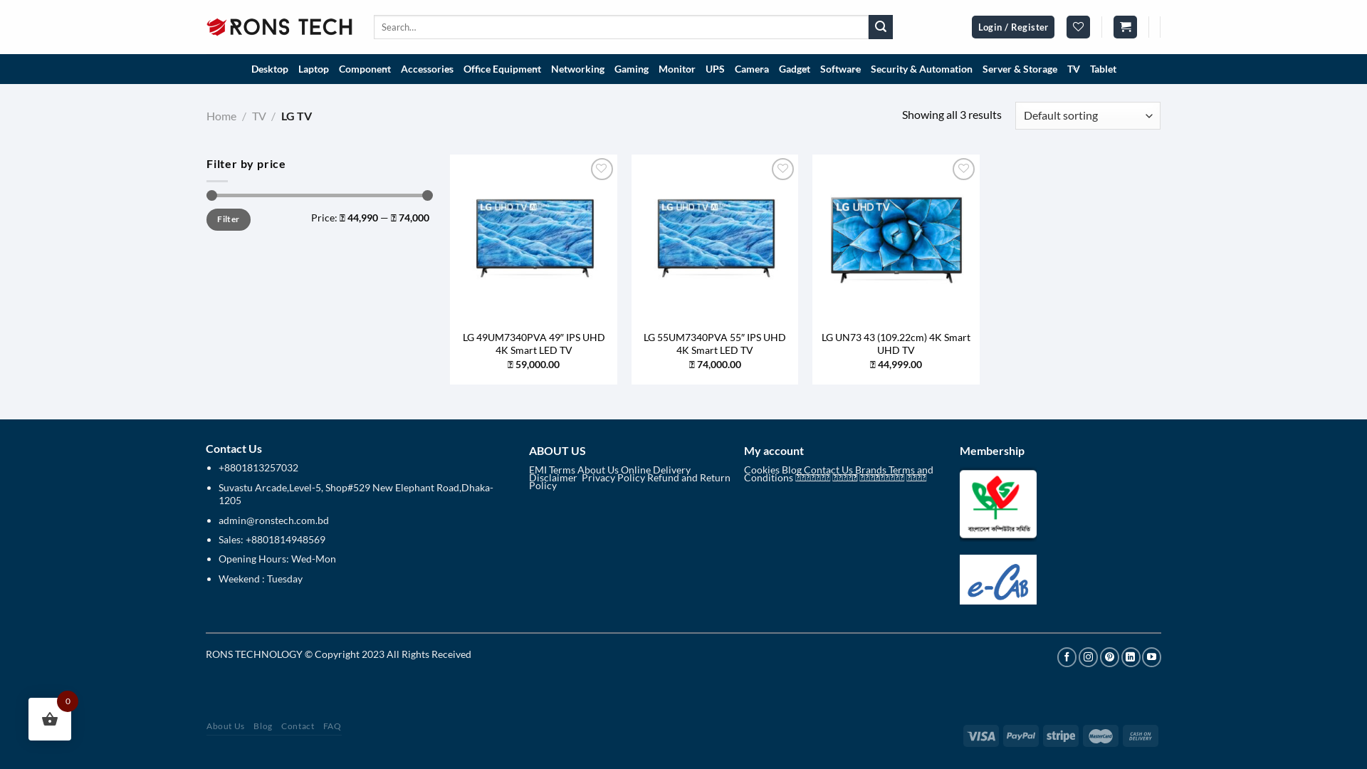 The height and width of the screenshot is (769, 1367). I want to click on 'Camera', so click(728, 68).